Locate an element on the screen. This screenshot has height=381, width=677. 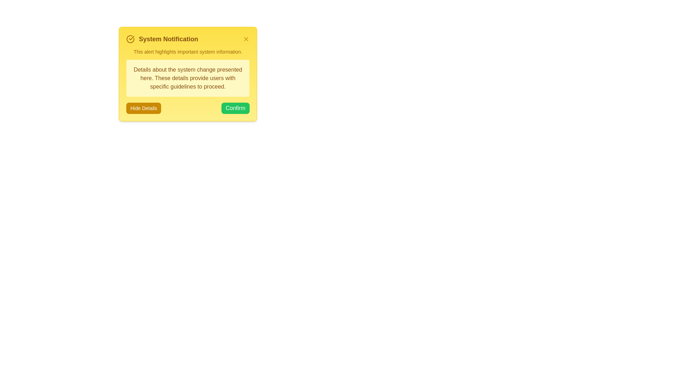
the 'Hide Details' button to toggle the visibility of the details section is located at coordinates (143, 108).